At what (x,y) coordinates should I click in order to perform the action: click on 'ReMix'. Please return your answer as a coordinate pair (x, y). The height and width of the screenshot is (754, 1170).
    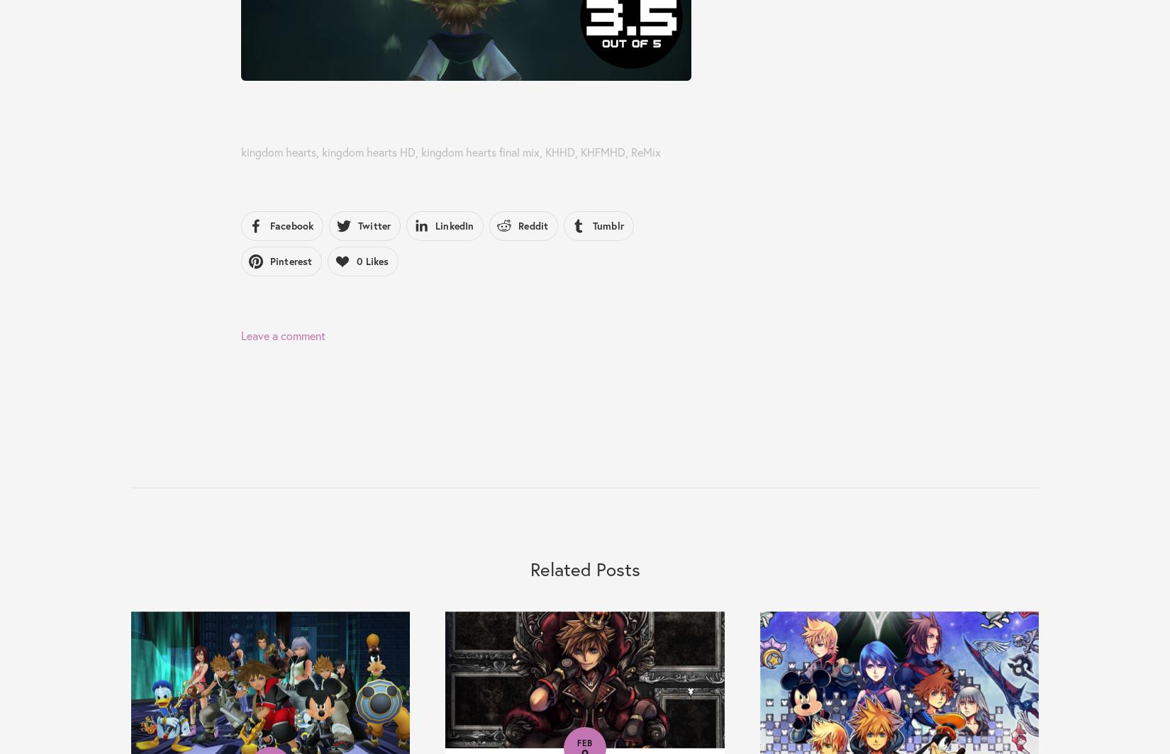
    Looking at the image, I should click on (645, 152).